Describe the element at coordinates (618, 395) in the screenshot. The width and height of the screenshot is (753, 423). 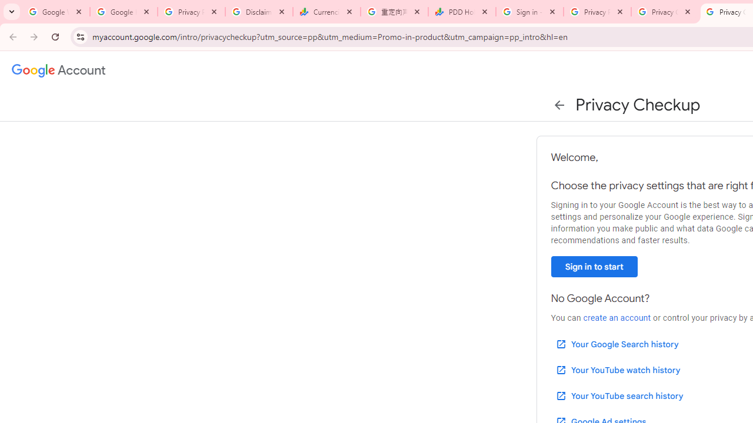
I see `'Your YouTube search history'` at that location.